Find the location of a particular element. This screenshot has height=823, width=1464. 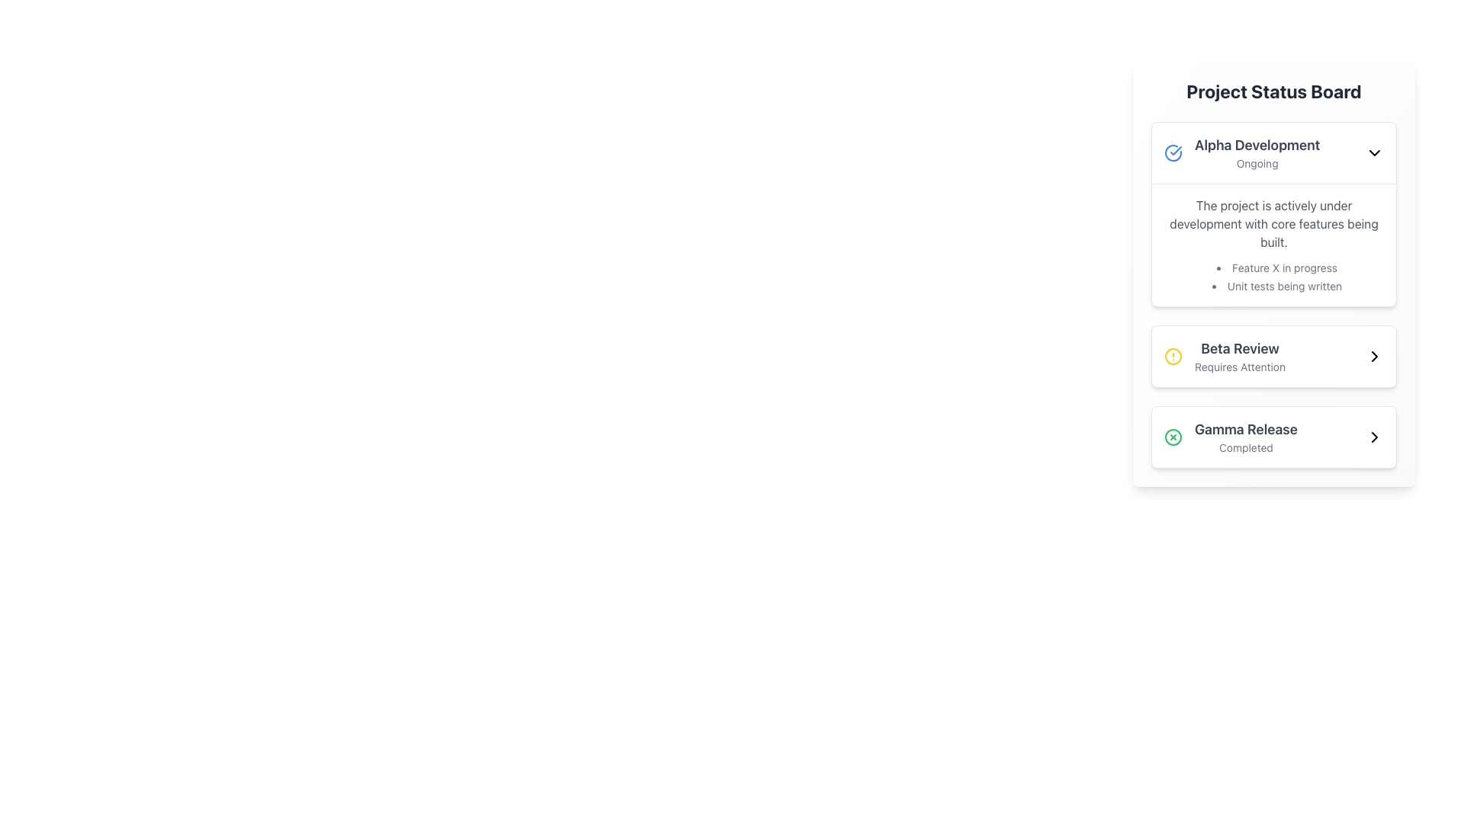

text element that describes the project status, which is styled in muted gray and states 'The project is actively under development with core features being built.' It is located in the 'Alpha Development' section of the Project Status Board is located at coordinates (1273, 223).